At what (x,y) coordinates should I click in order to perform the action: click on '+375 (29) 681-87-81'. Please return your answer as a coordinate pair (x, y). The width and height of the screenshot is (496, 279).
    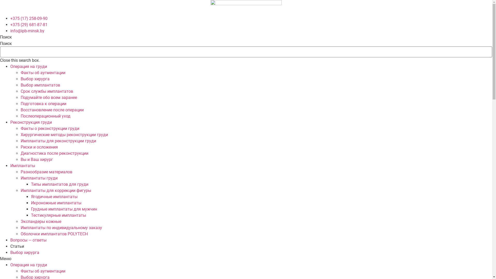
    Looking at the image, I should click on (28, 25).